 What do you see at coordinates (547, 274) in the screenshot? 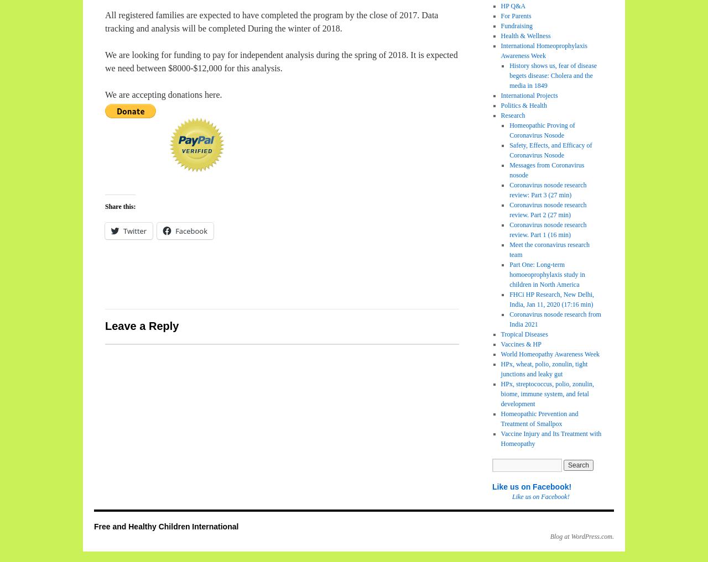
I see `'Part One: Long-term homoeoprophylaxis study in children in North America'` at bounding box center [547, 274].